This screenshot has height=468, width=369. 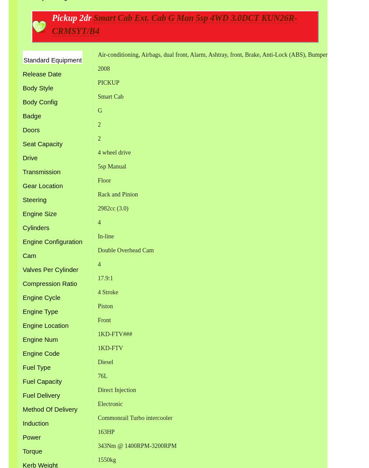 I want to click on 'Steering', so click(x=22, y=199).